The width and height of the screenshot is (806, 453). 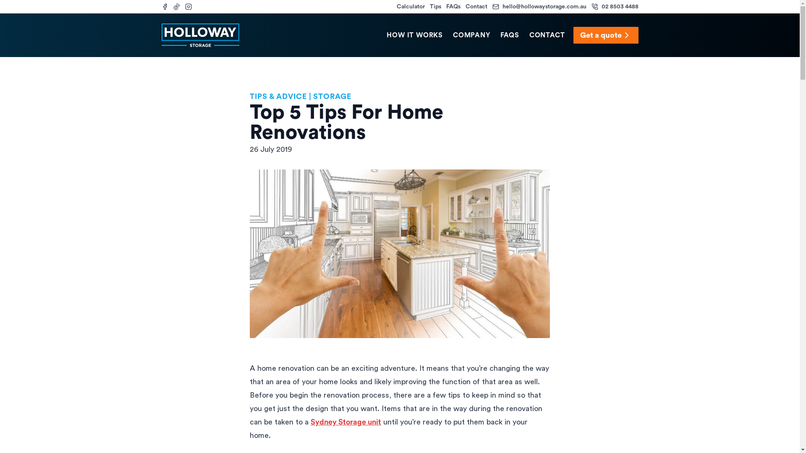 I want to click on 'Tips', so click(x=435, y=6).